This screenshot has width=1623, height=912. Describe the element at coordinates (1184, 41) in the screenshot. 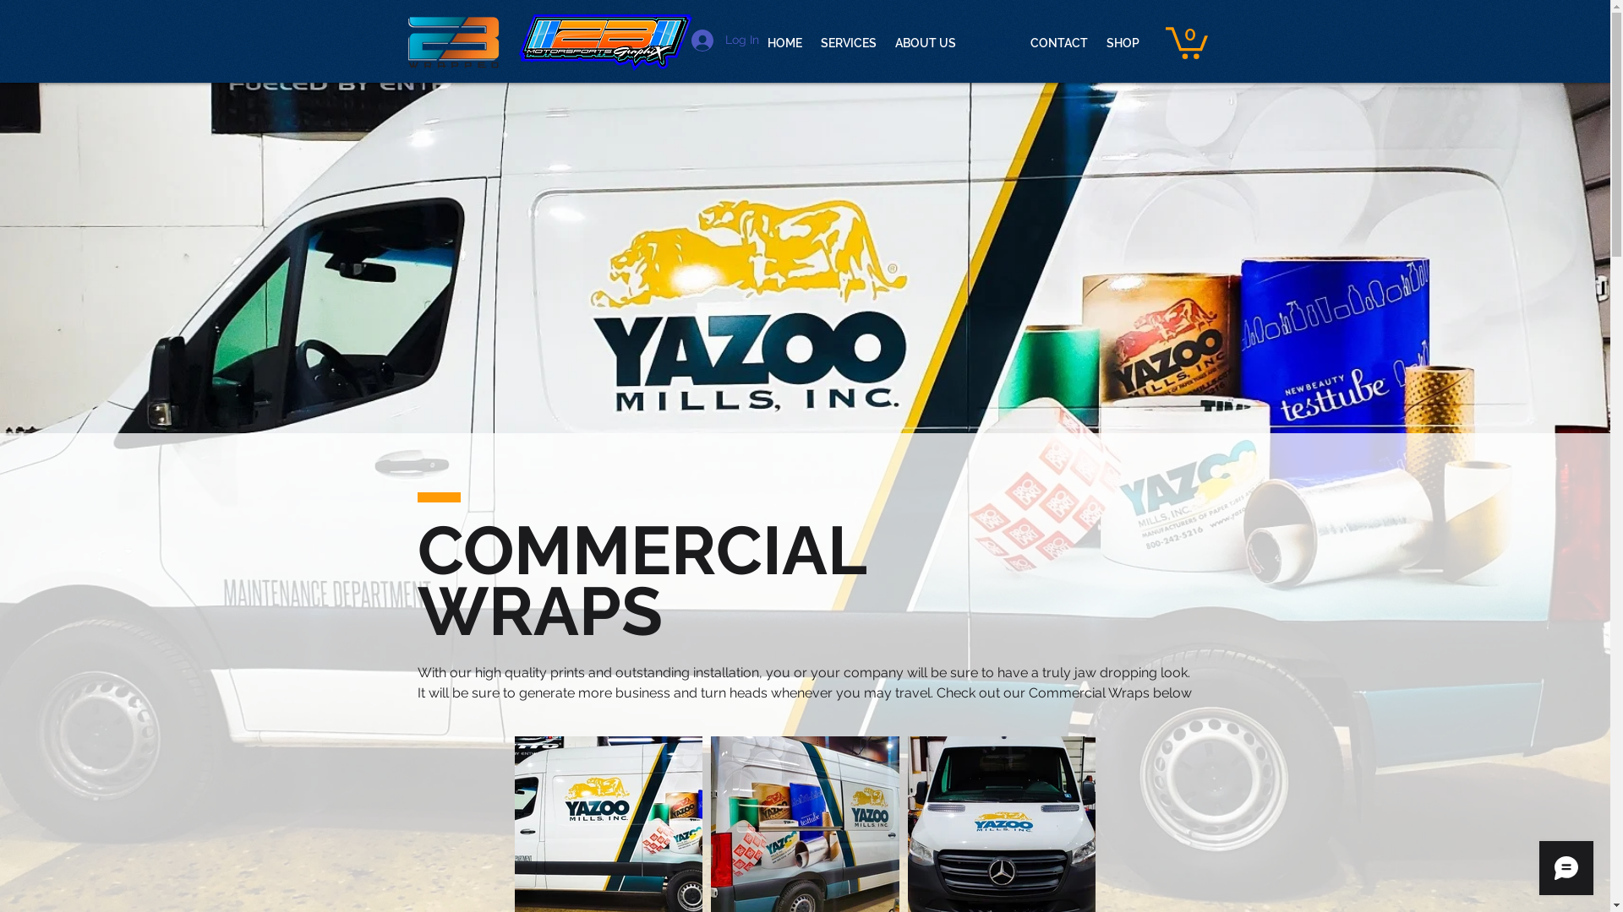

I see `'0'` at that location.